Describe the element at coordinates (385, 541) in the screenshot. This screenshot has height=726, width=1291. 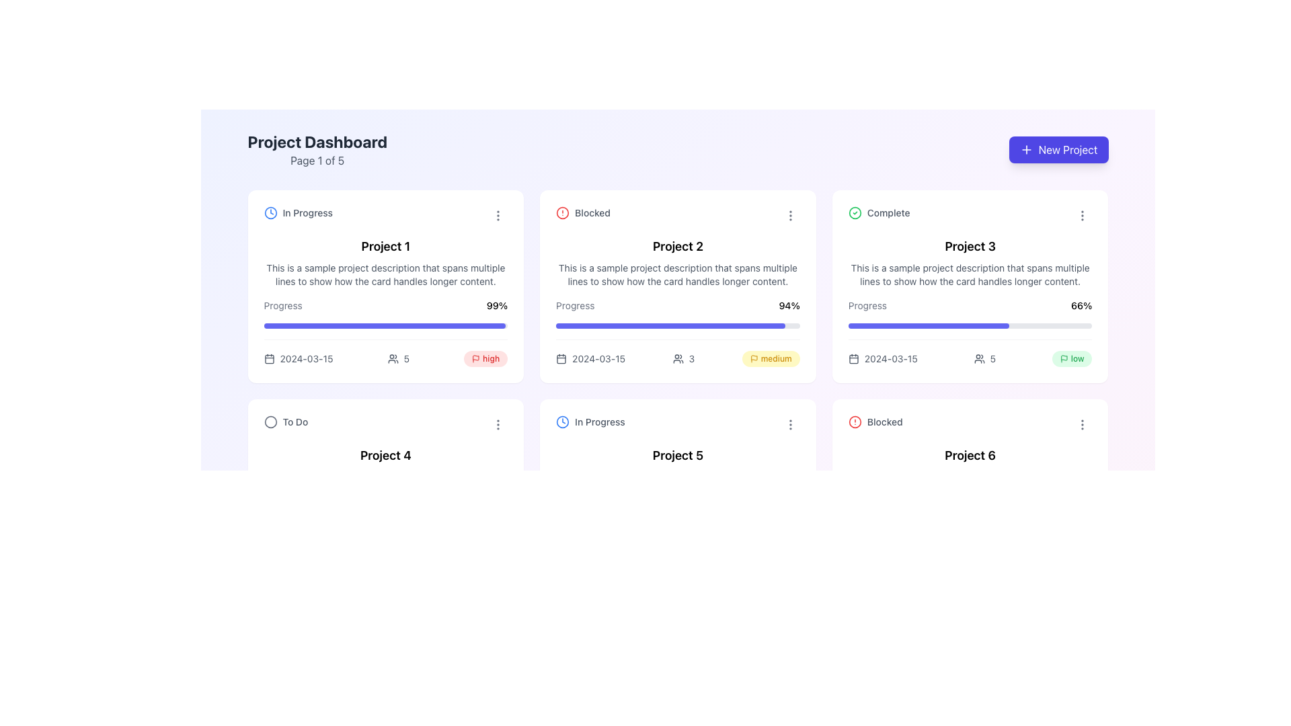
I see `the visual representation of progress in the 'Project 4' progress indicator located in the lower left card of the interface` at that location.